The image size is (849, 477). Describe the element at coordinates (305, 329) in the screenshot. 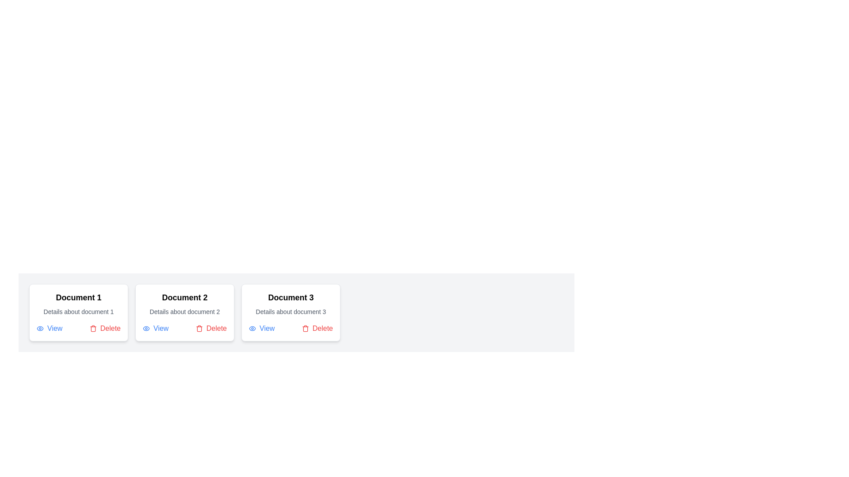

I see `the second vertical subcomponent of the trash icon, which symbolizes a delete action, located to the right of the 'View' and 'Delete' buttons under the 'Document 3' section` at that location.